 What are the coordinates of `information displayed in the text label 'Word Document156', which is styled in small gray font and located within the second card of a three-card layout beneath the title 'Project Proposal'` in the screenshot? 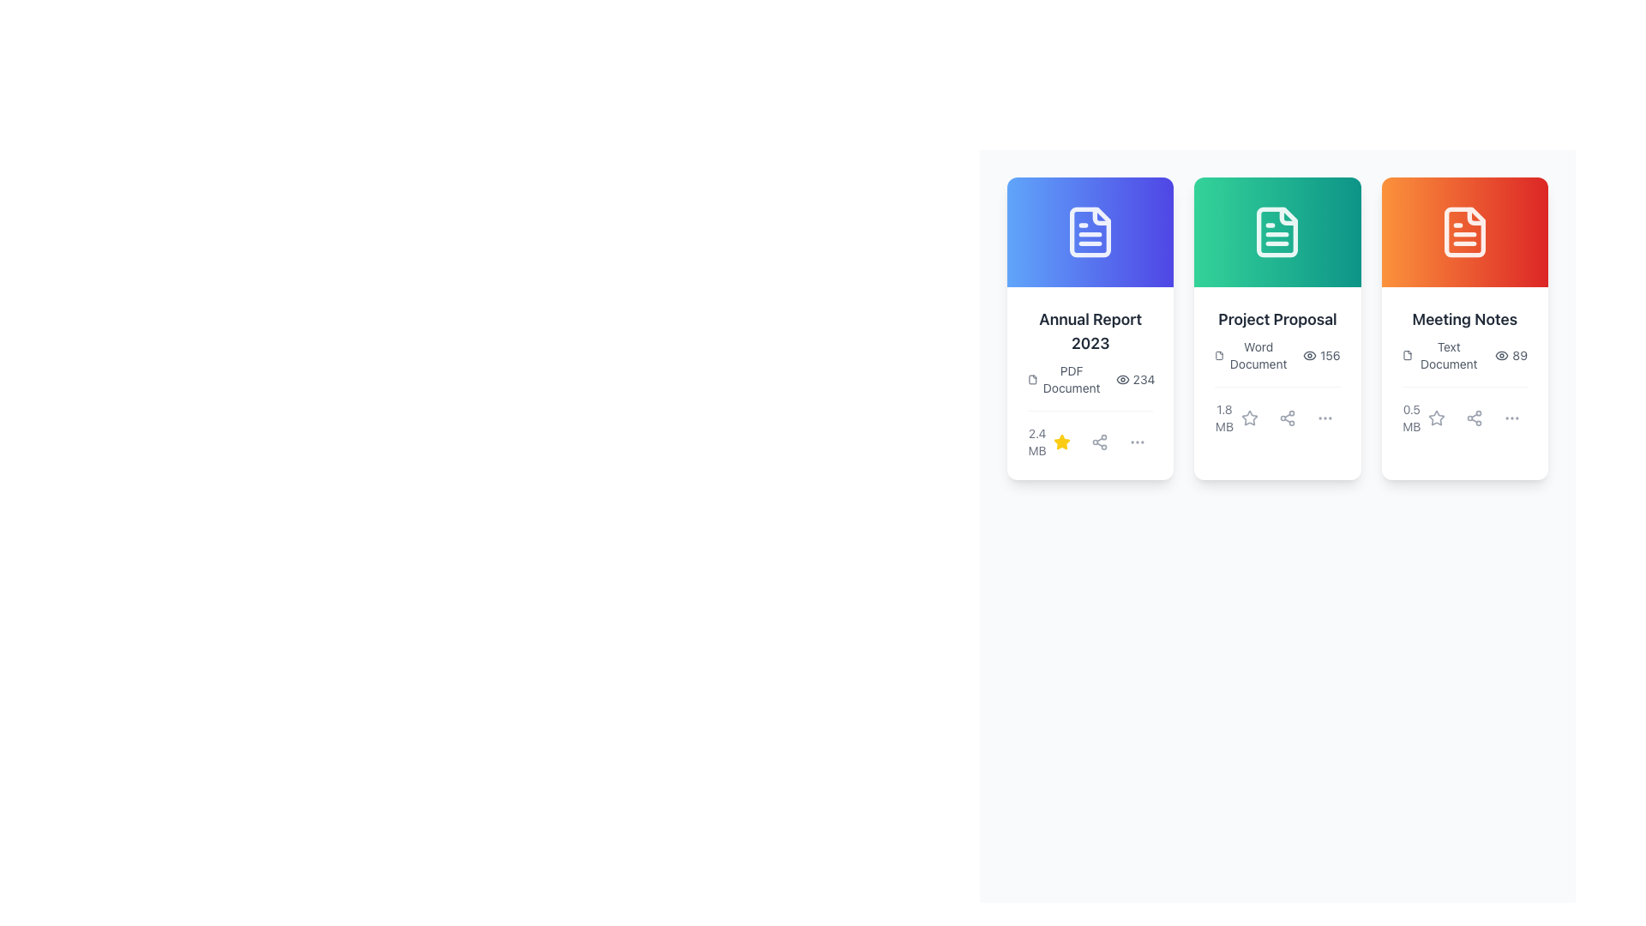 It's located at (1277, 370).